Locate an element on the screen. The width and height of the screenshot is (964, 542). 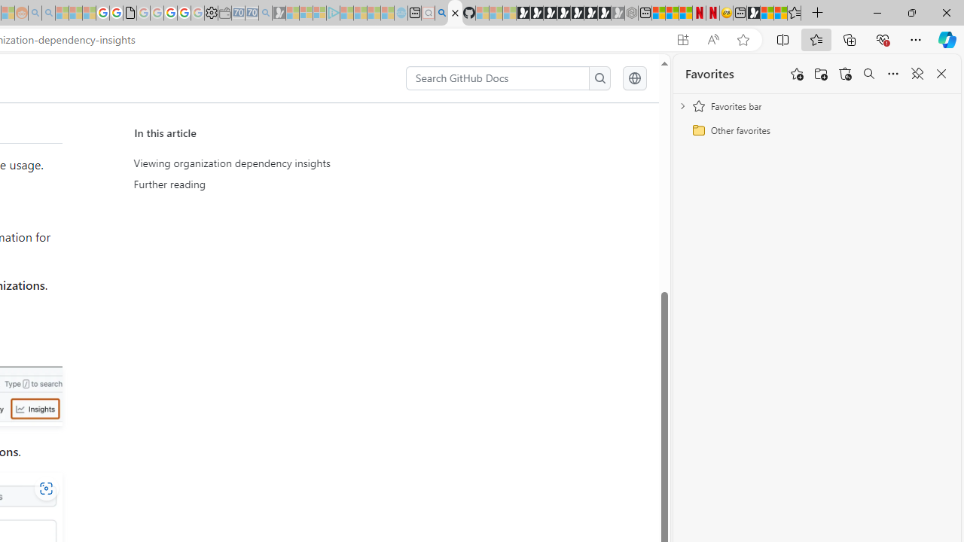
'Search GitHub Docs' is located at coordinates (498, 78).